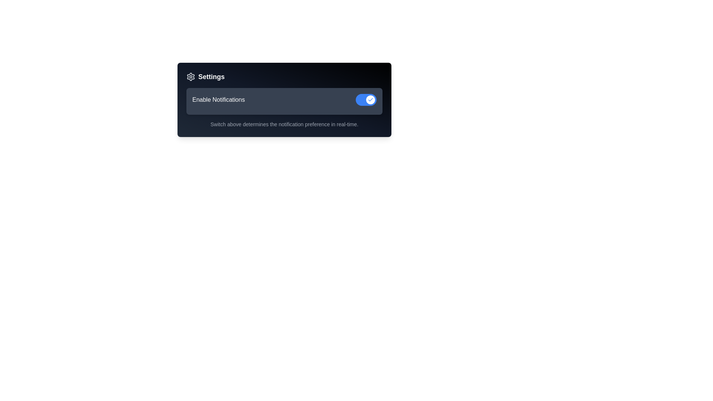 This screenshot has width=713, height=401. What do you see at coordinates (191, 77) in the screenshot?
I see `the settings icon located at the top-left corner of the black card, adjacent to the 'Settings' text` at bounding box center [191, 77].